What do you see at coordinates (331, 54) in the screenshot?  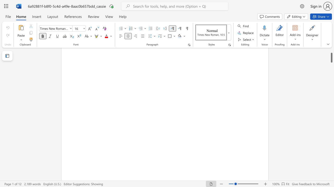 I see `the scrollbar and move up 380 pixels` at bounding box center [331, 54].